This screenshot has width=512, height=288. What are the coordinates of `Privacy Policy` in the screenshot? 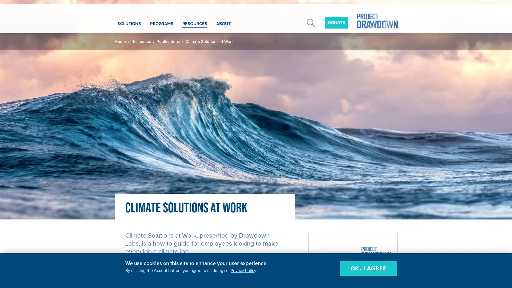 It's located at (243, 270).